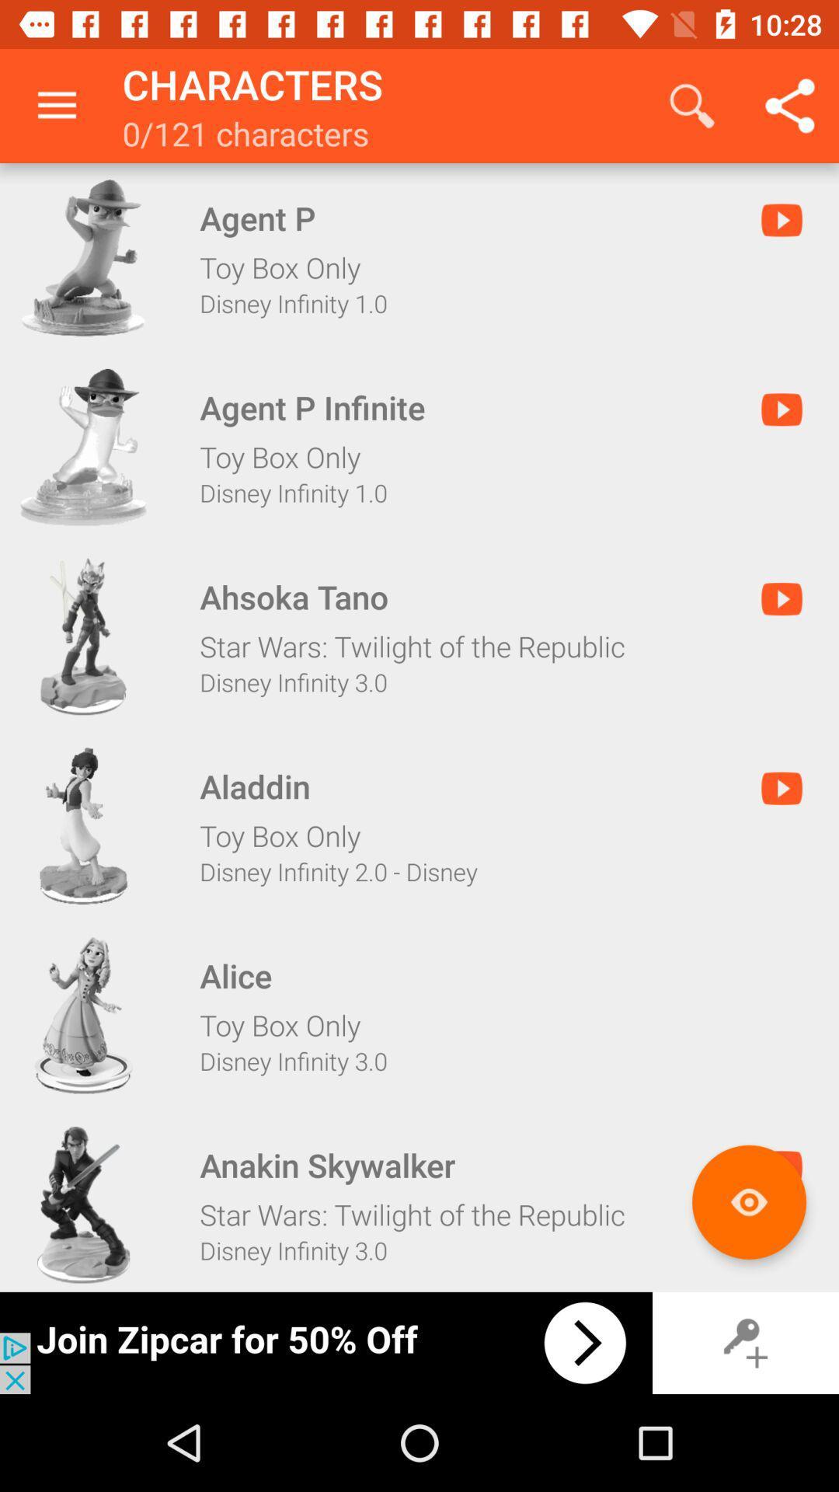 This screenshot has height=1492, width=839. I want to click on log keys, so click(745, 1342).